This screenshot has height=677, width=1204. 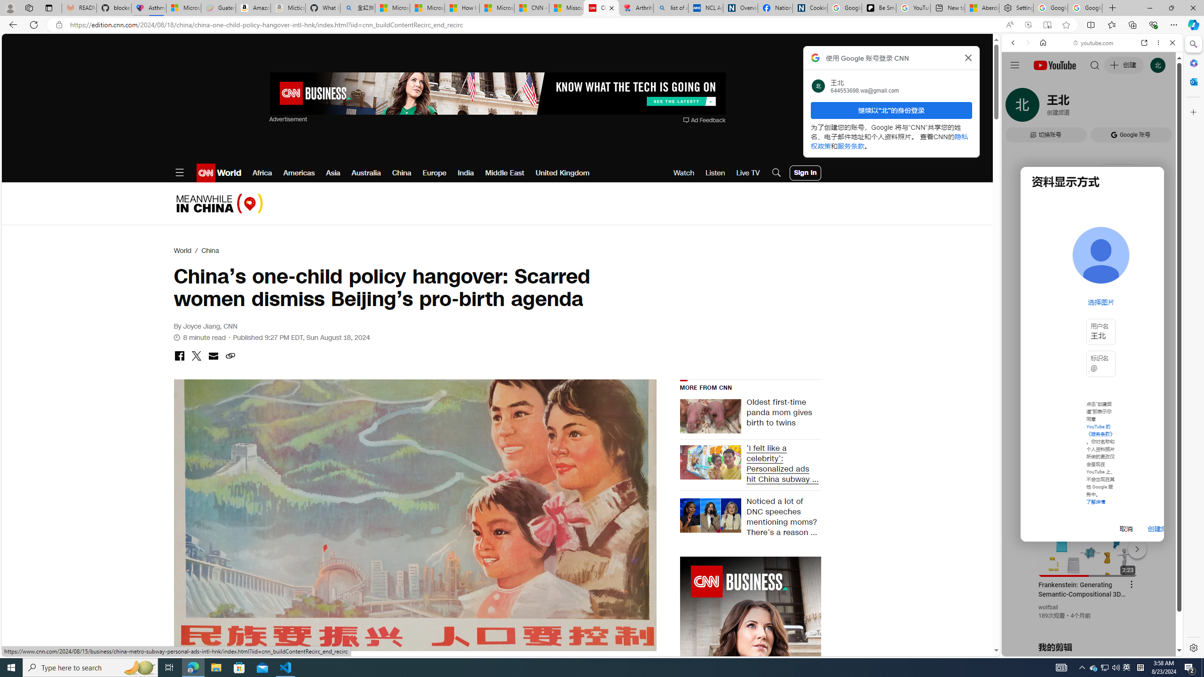 I want to click on 'list of asthma inhalers uk - Search', so click(x=670, y=8).